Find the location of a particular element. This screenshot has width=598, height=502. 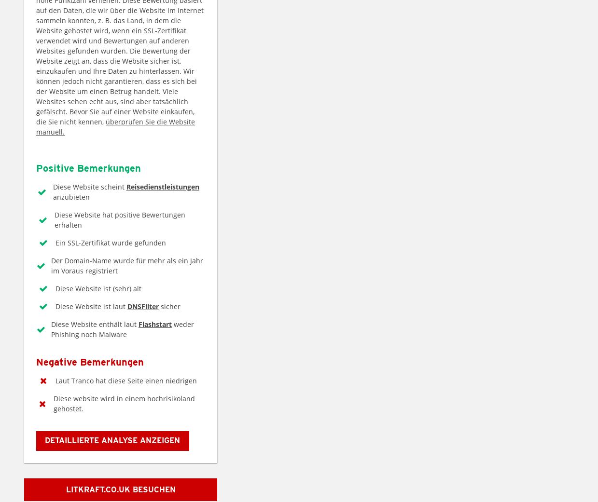

'DETAILLIERTE ANALYSE ANZEIGEN' is located at coordinates (112, 440).